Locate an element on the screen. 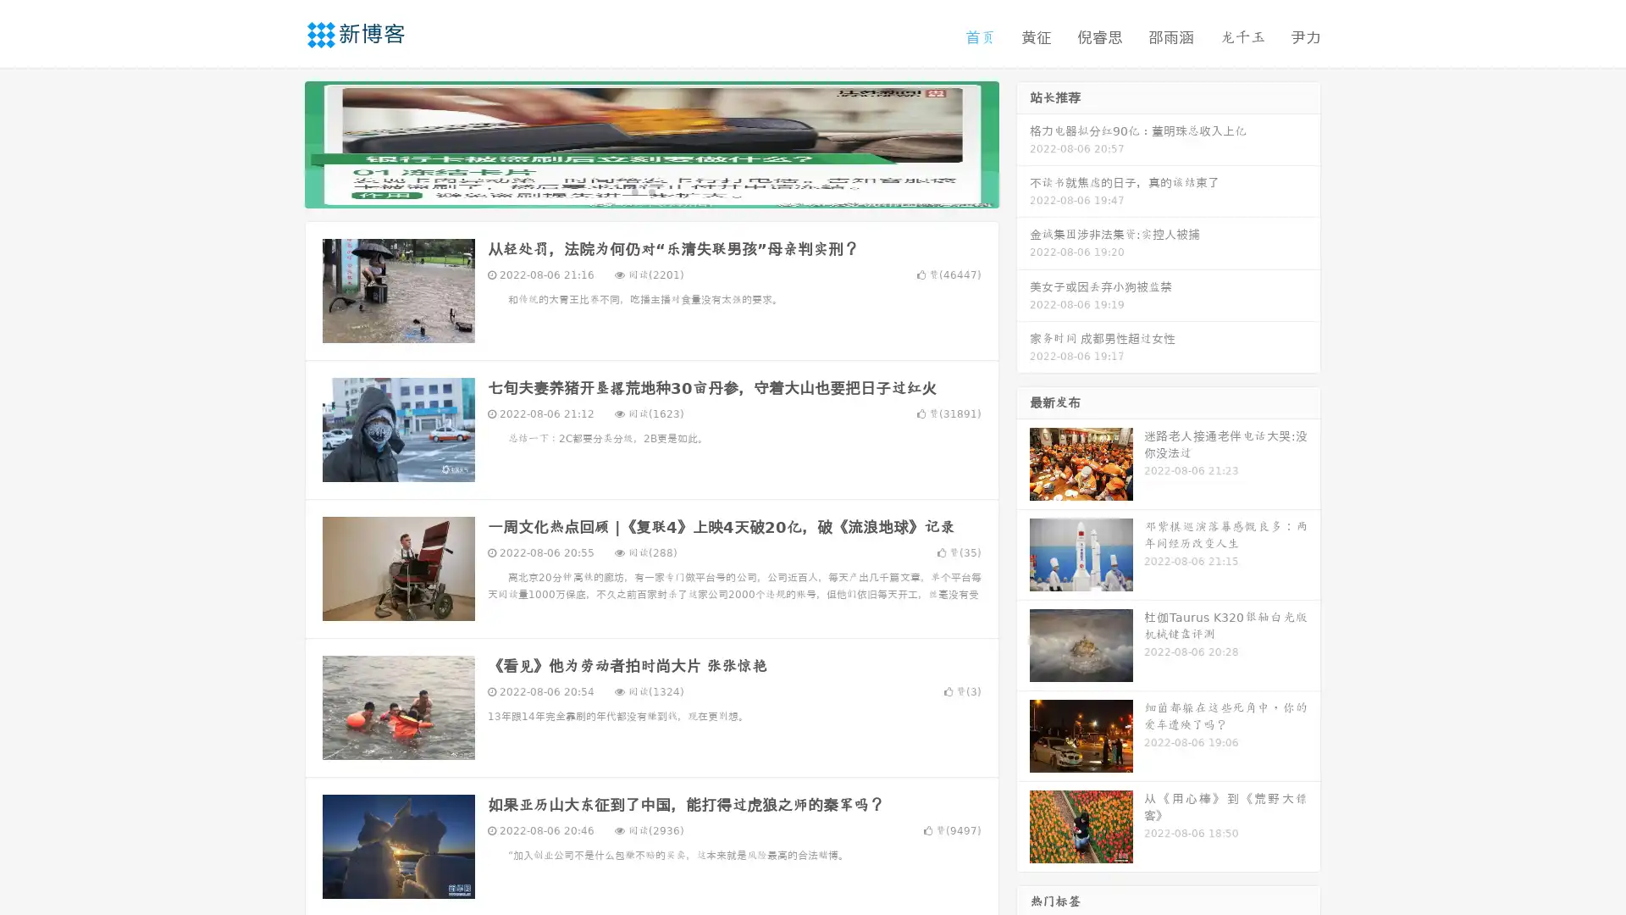 This screenshot has height=915, width=1626. Go to slide 3 is located at coordinates (668, 191).